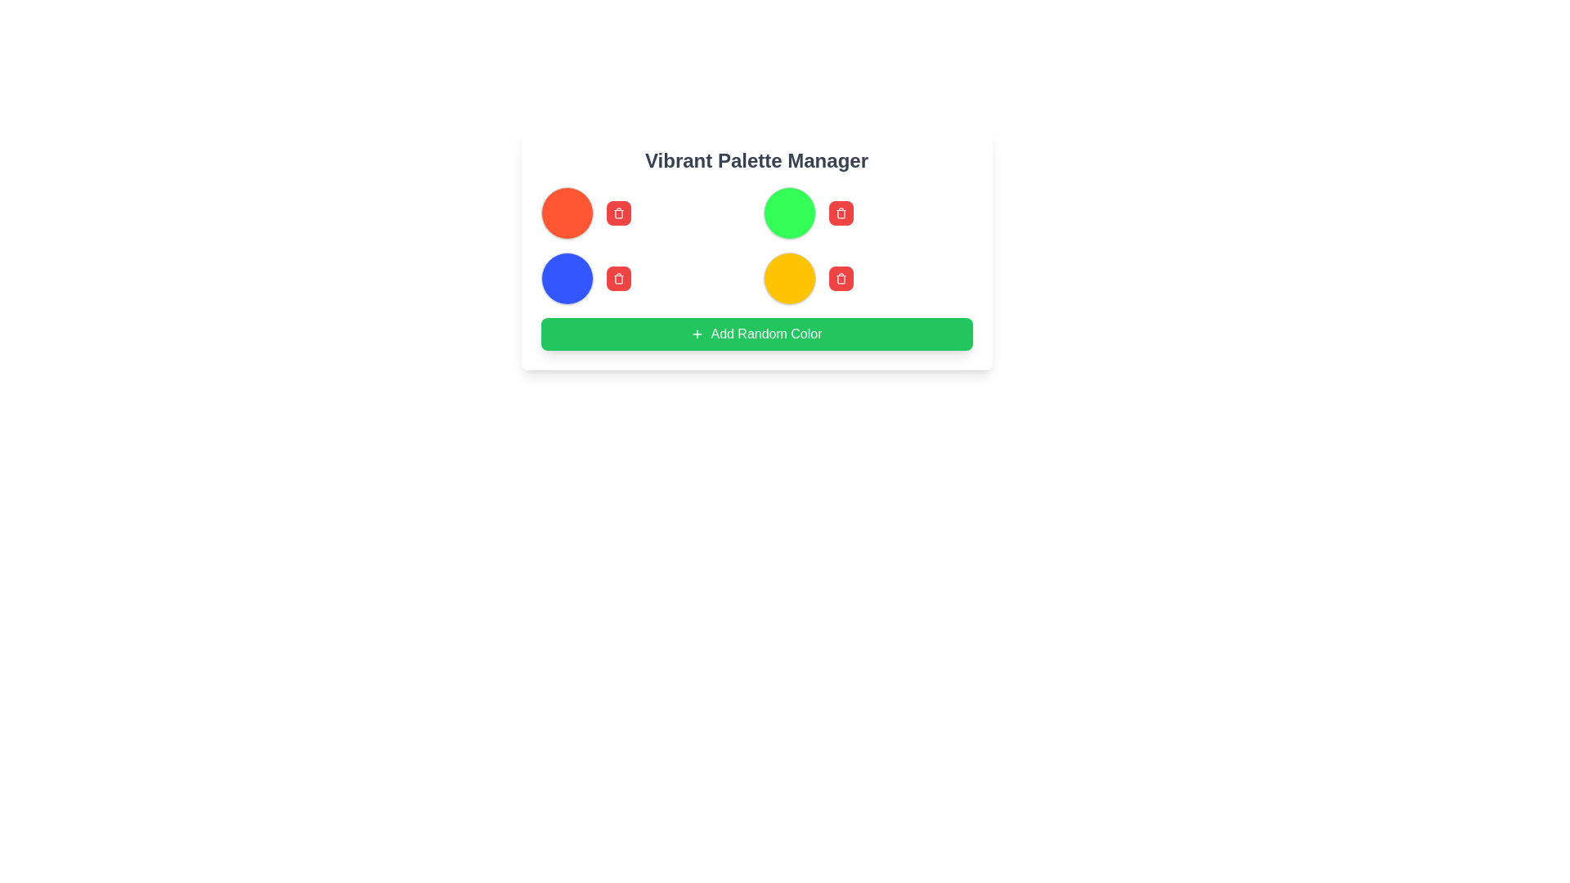  What do you see at coordinates (756, 333) in the screenshot?
I see `the green full-width button labeled 'Add Random Color' with a plus icon at the bottom of the 'Vibrant Palette Manager' panel` at bounding box center [756, 333].